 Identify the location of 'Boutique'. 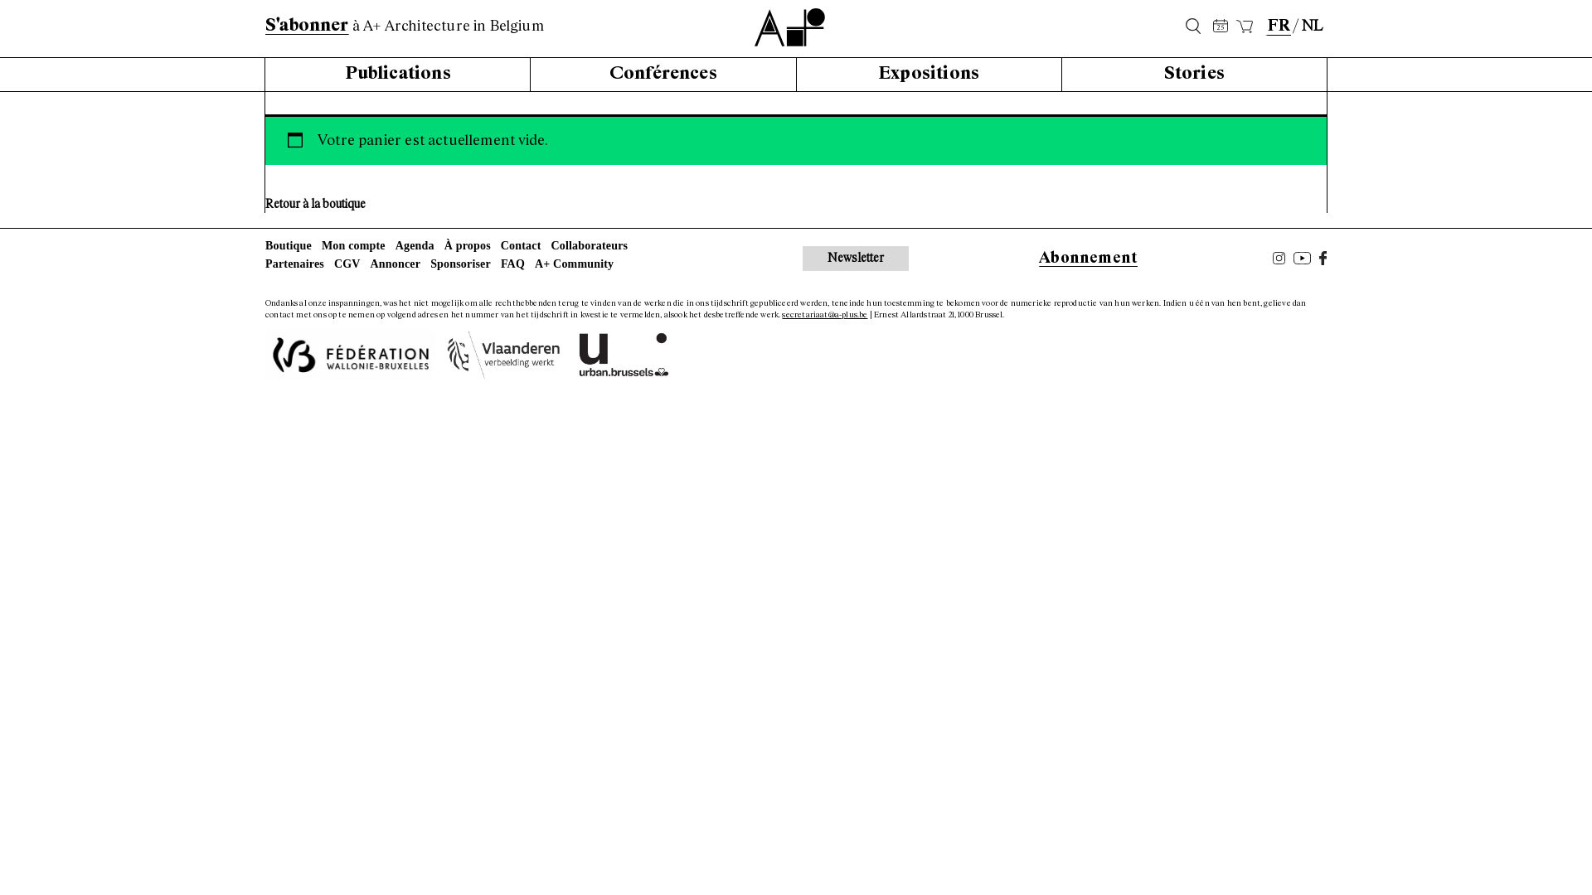
(288, 245).